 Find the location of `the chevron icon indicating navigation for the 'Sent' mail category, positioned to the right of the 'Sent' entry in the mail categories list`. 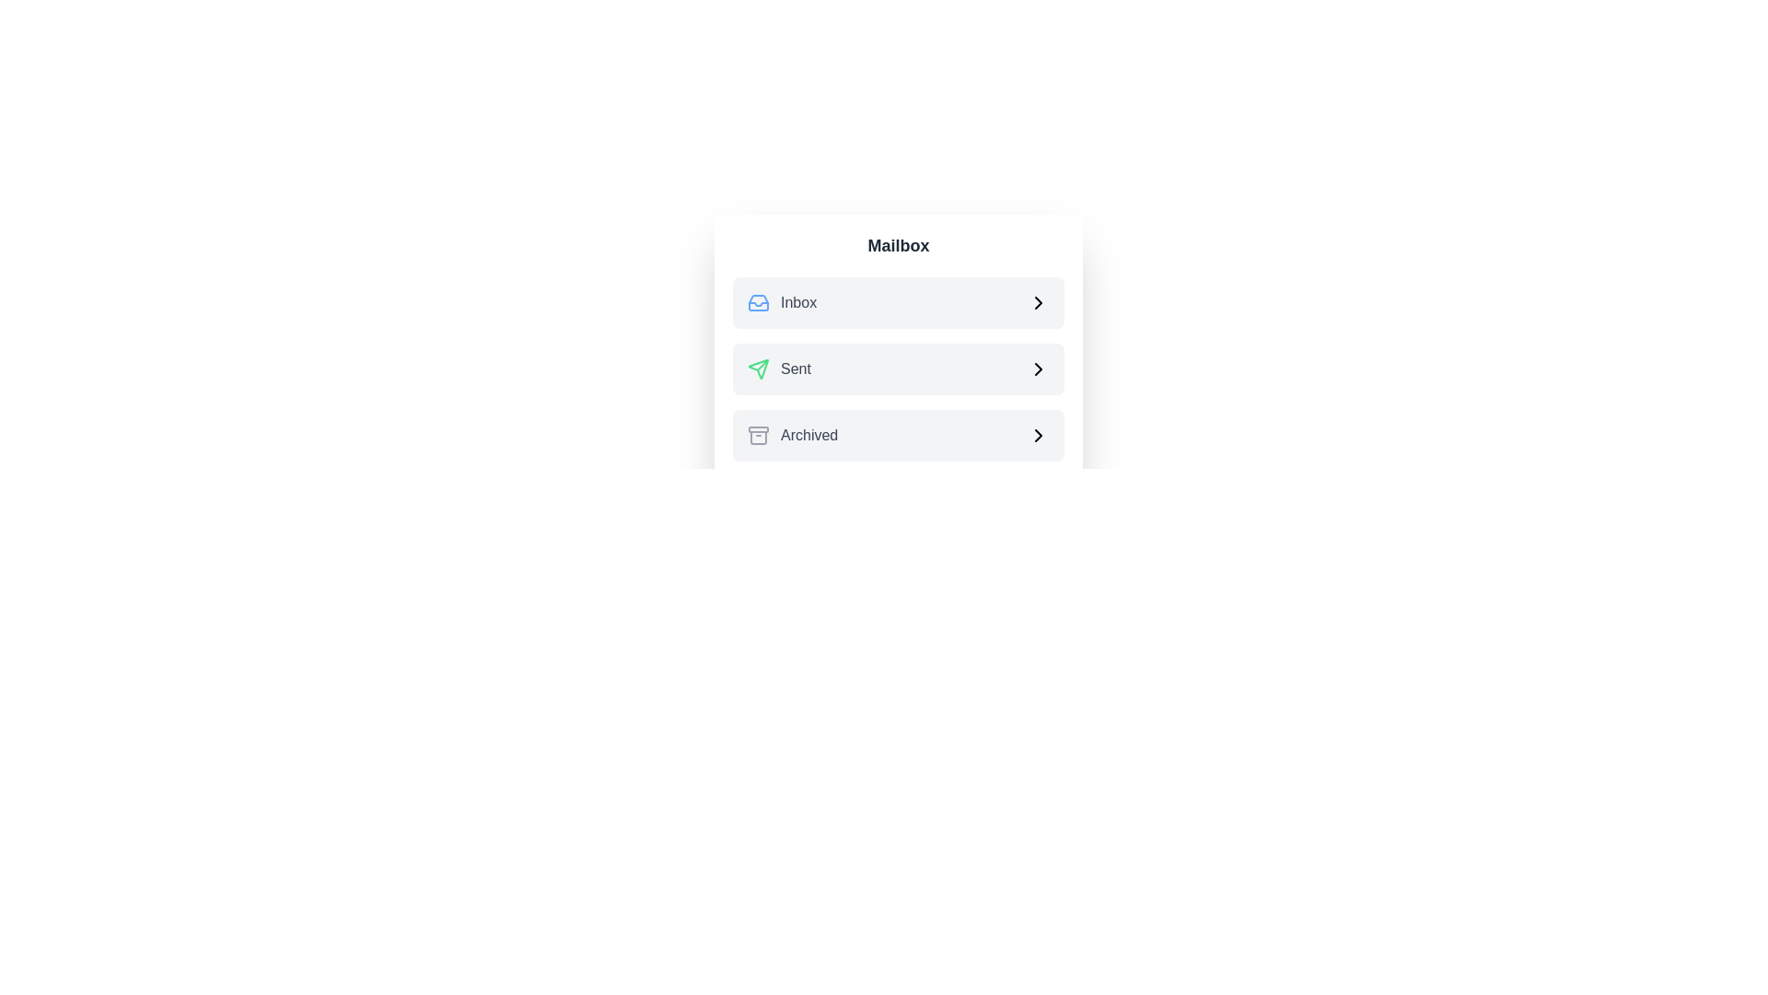

the chevron icon indicating navigation for the 'Sent' mail category, positioned to the right of the 'Sent' entry in the mail categories list is located at coordinates (1039, 369).